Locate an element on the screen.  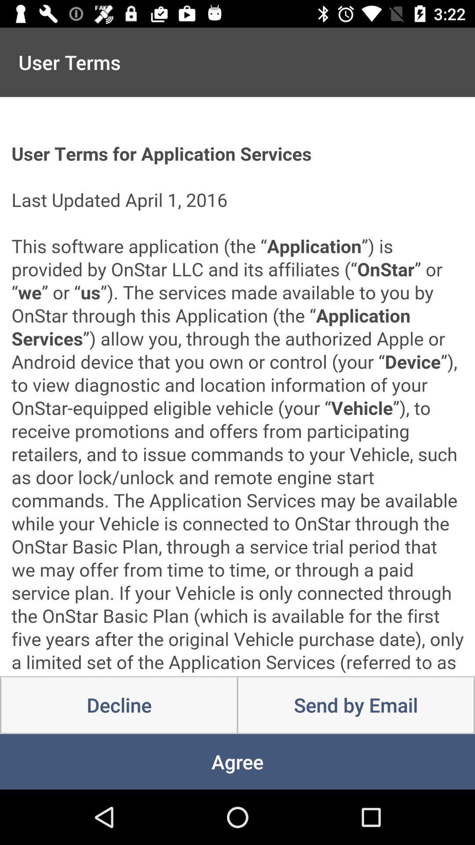
send by email item is located at coordinates (355, 705).